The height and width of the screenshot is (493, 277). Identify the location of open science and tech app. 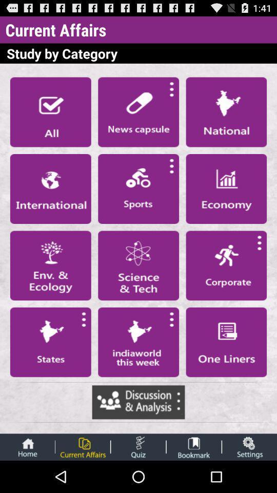
(138, 265).